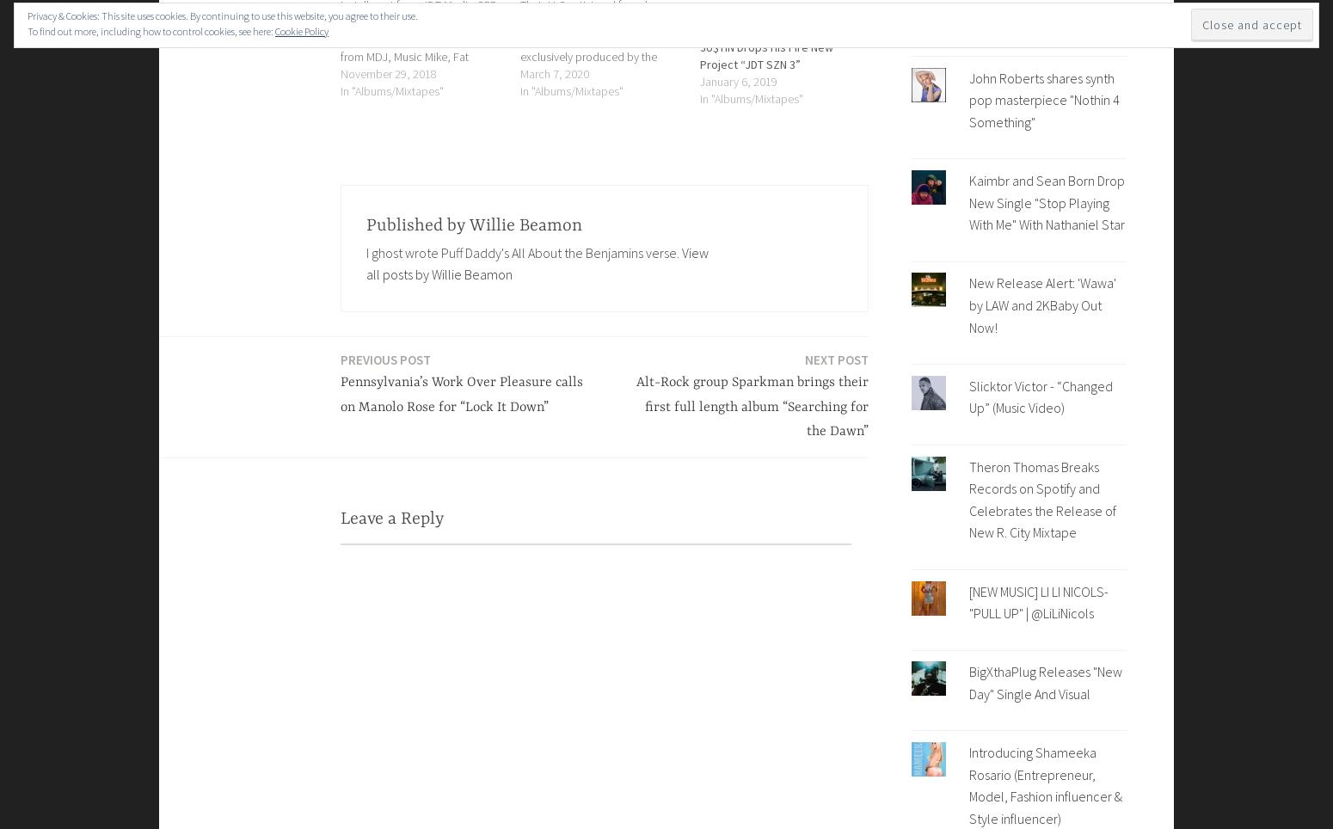 Image resolution: width=1333 pixels, height=829 pixels. Describe the element at coordinates (1018, 28) in the screenshot. I see `'Top Posts'` at that location.